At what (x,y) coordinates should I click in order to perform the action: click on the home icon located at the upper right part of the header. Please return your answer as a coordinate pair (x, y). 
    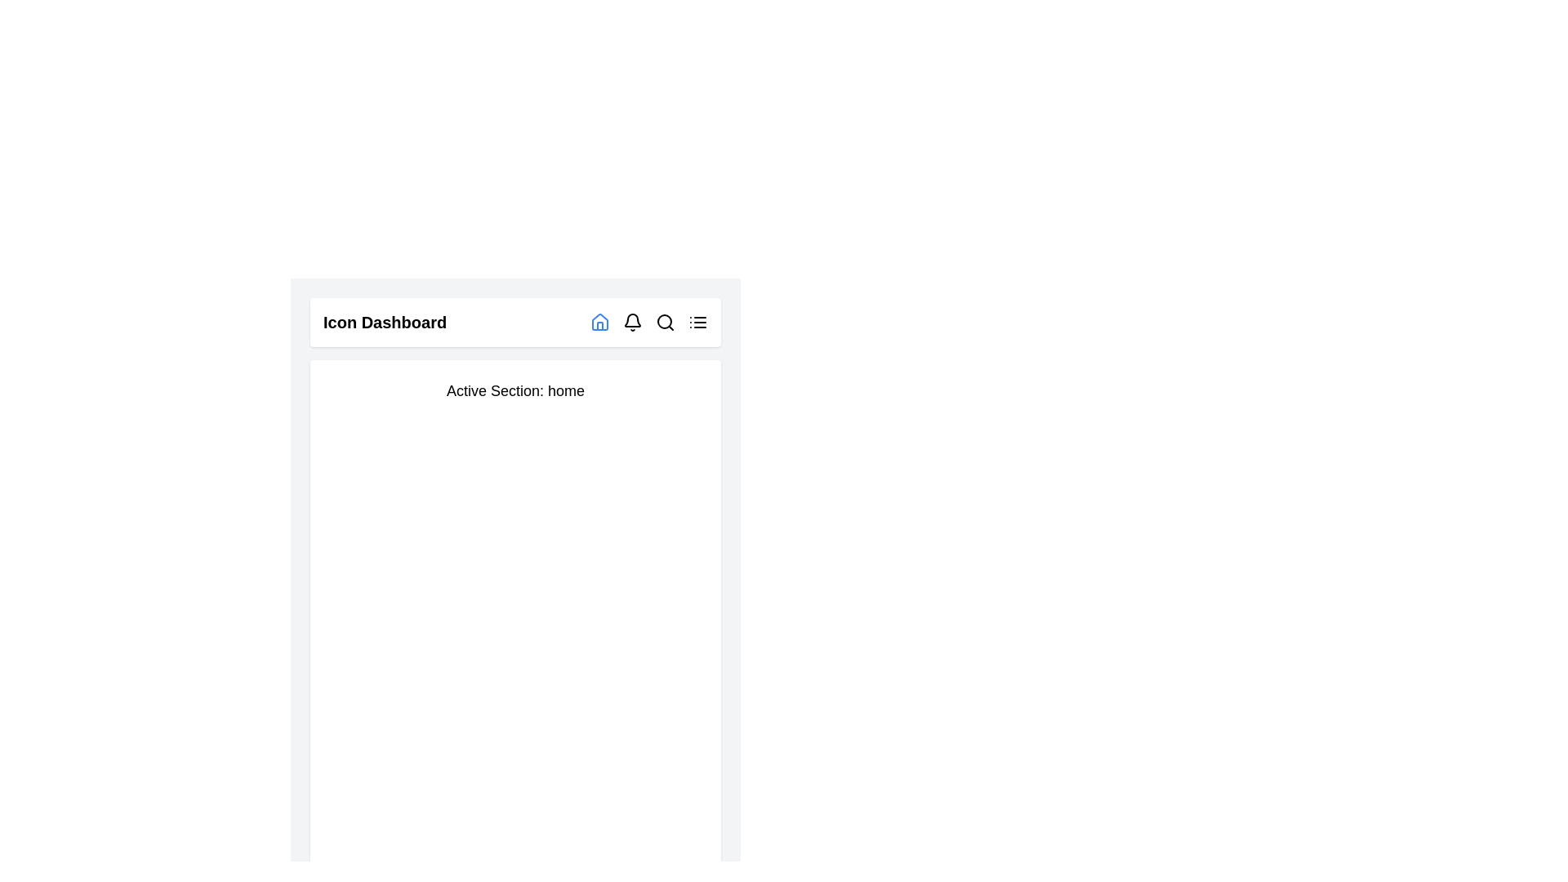
    Looking at the image, I should click on (599, 322).